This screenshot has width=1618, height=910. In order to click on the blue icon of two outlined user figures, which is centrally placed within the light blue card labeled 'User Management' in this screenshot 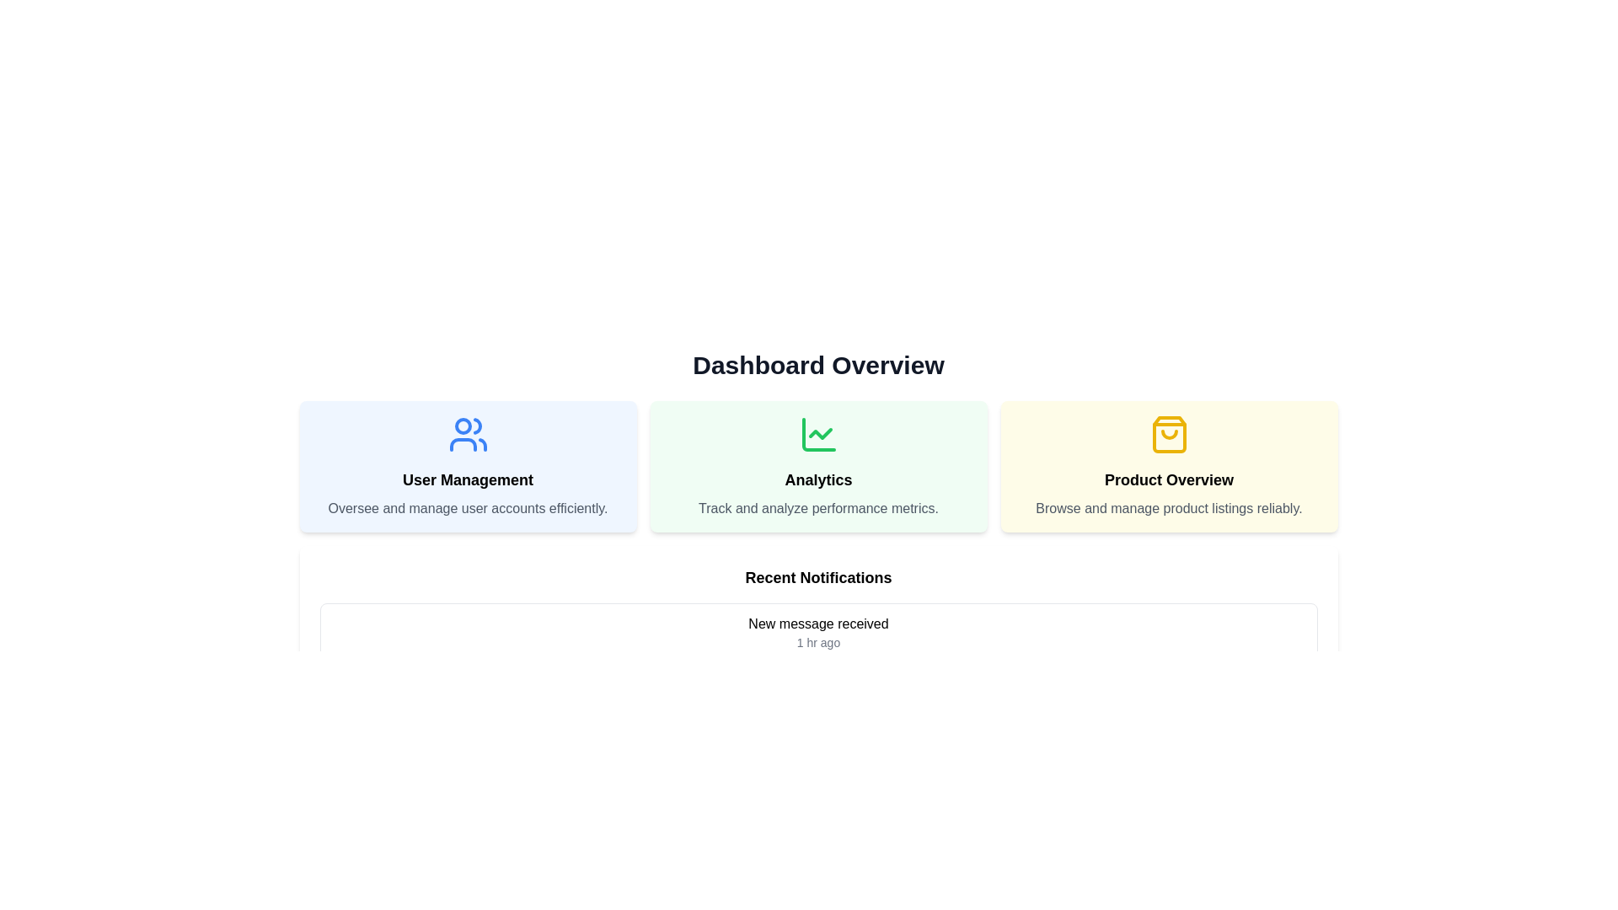, I will do `click(468, 434)`.